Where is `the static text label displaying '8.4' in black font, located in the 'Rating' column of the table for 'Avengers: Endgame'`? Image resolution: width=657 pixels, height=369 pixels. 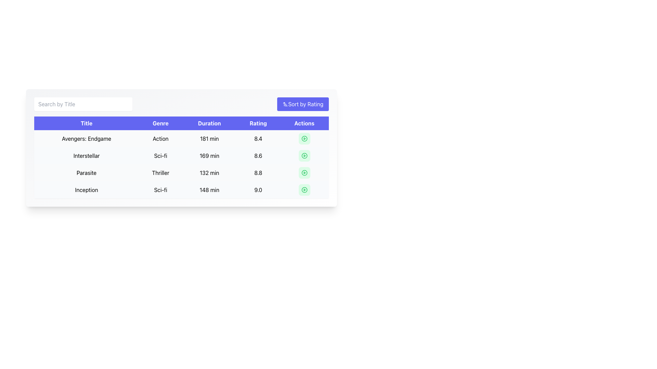 the static text label displaying '8.4' in black font, located in the 'Rating' column of the table for 'Avengers: Endgame' is located at coordinates (258, 138).